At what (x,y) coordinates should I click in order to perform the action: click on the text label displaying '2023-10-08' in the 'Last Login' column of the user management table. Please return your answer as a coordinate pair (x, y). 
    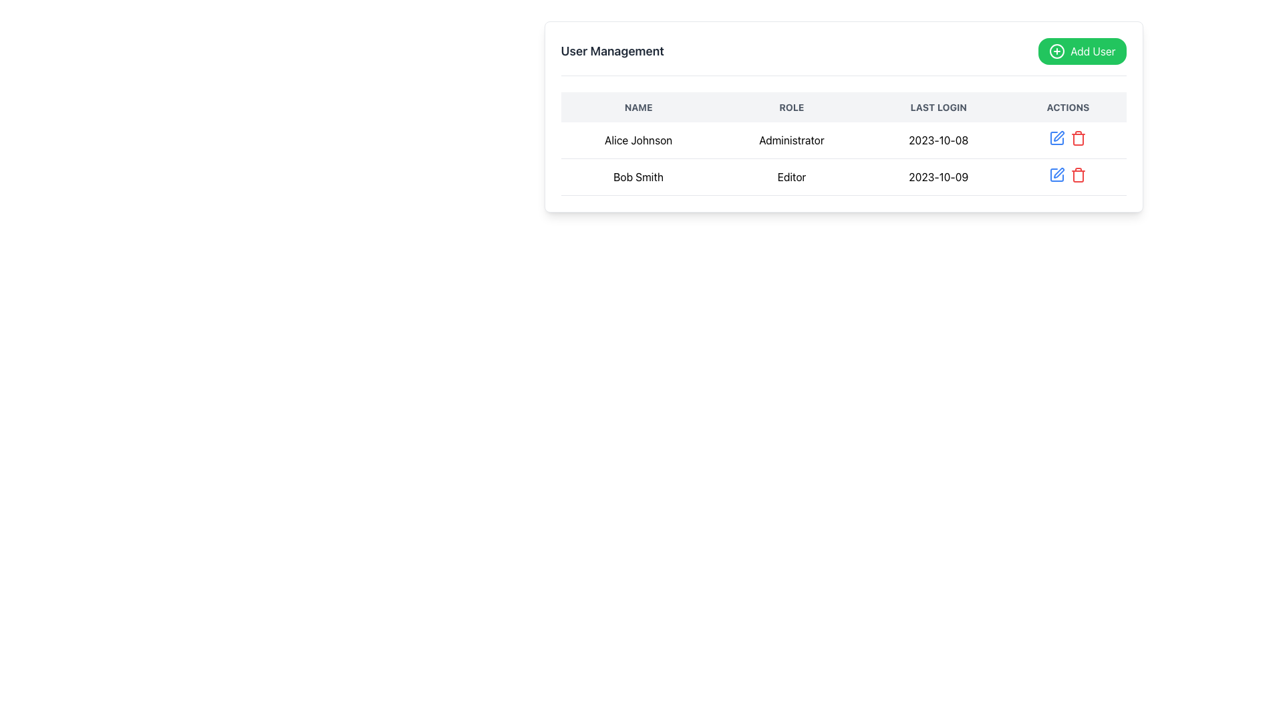
    Looking at the image, I should click on (938, 140).